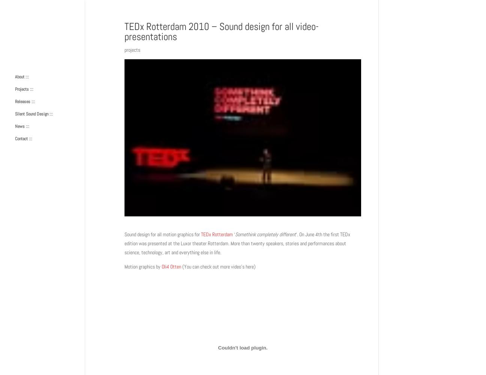 The height and width of the screenshot is (375, 486). What do you see at coordinates (235, 234) in the screenshot?
I see `'Somethink completely different'` at bounding box center [235, 234].